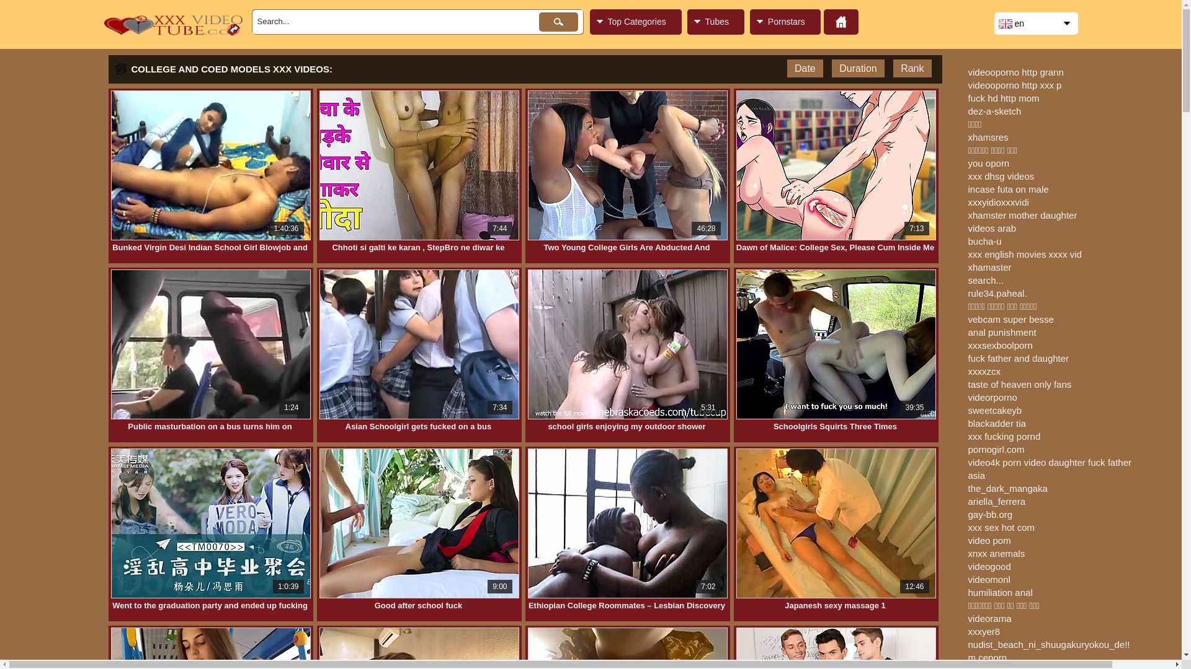  What do you see at coordinates (1004, 435) in the screenshot?
I see `'xxx fucking pornd'` at bounding box center [1004, 435].